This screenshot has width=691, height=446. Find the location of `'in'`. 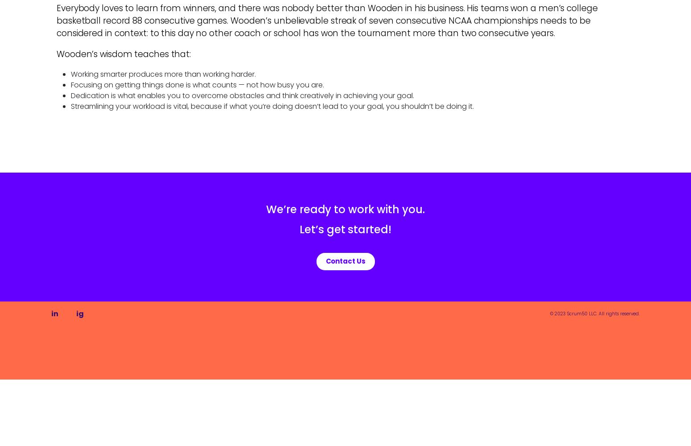

'in' is located at coordinates (55, 313).